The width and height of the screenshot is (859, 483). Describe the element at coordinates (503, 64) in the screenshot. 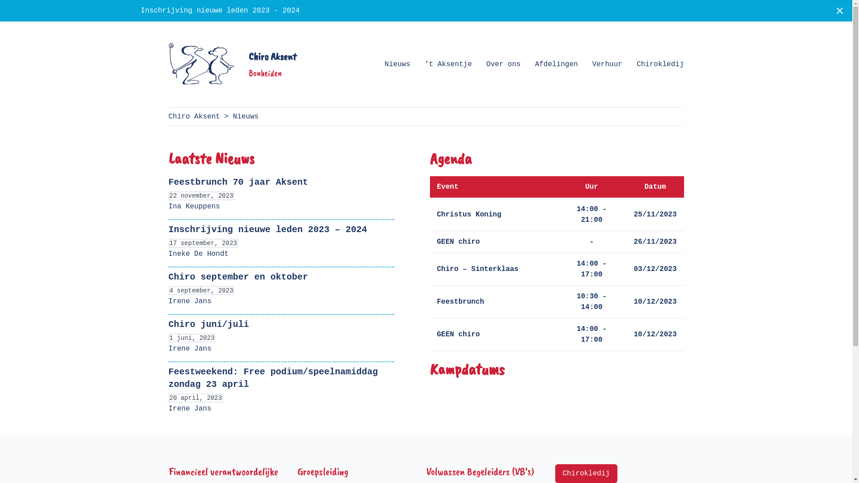

I see `'Over ons'` at that location.